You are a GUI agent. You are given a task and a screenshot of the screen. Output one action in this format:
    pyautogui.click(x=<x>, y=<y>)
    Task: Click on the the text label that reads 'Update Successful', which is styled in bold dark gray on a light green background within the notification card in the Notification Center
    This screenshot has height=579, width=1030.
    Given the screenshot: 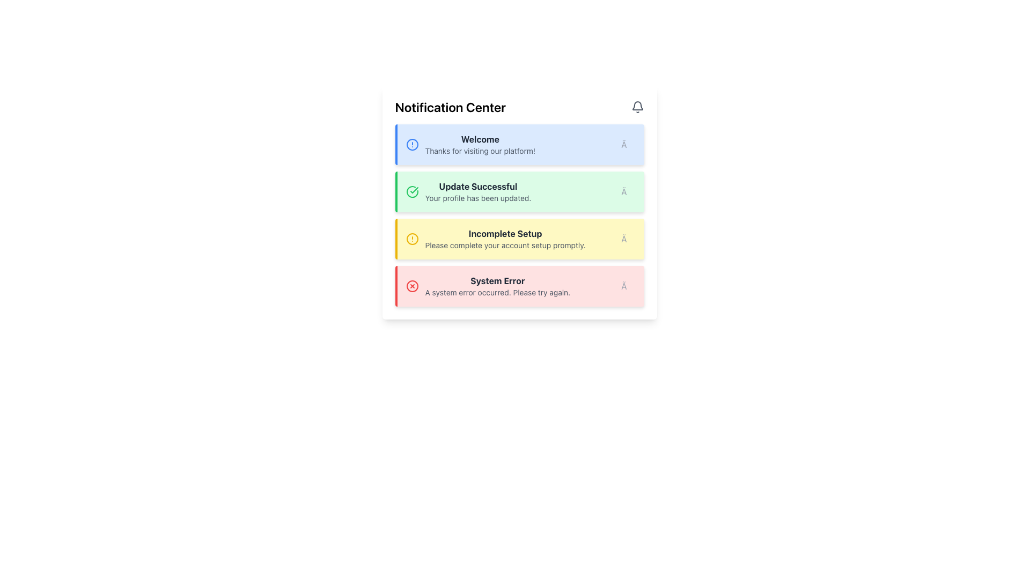 What is the action you would take?
    pyautogui.click(x=477, y=185)
    